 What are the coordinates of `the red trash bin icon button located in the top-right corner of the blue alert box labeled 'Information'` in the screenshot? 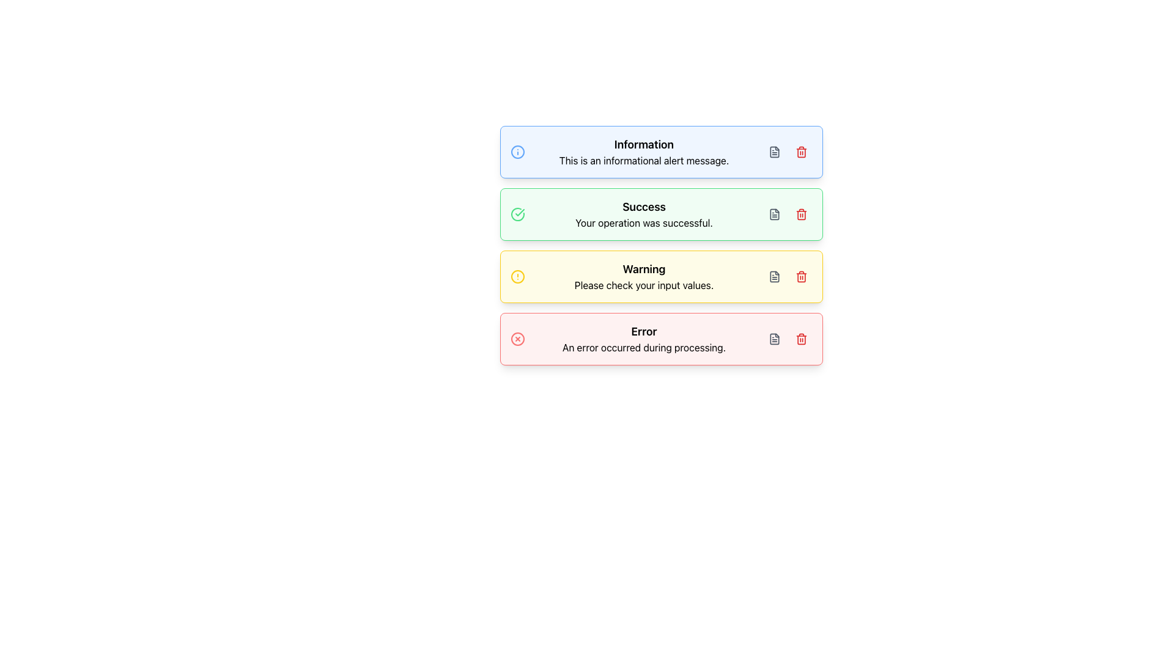 It's located at (801, 152).